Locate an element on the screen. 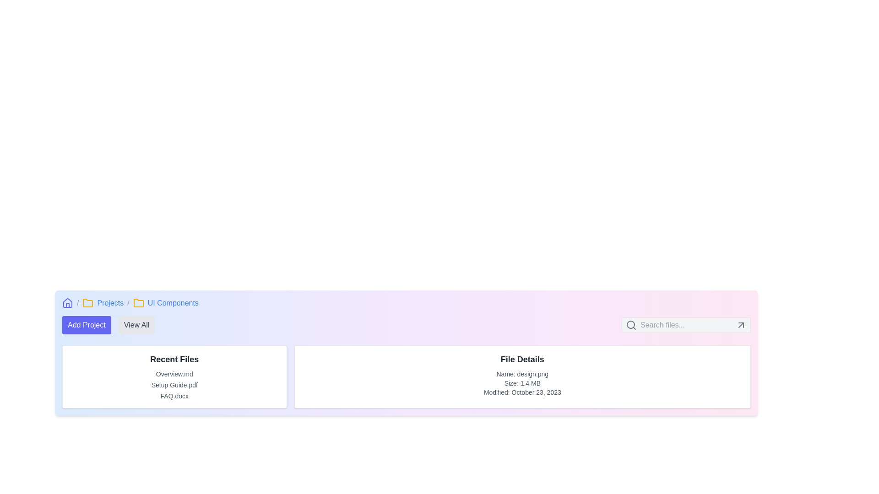  the 'Add Project' button, which is a rectangular button with a blue background and white text, located near the top-left region of the section is located at coordinates (87, 324).